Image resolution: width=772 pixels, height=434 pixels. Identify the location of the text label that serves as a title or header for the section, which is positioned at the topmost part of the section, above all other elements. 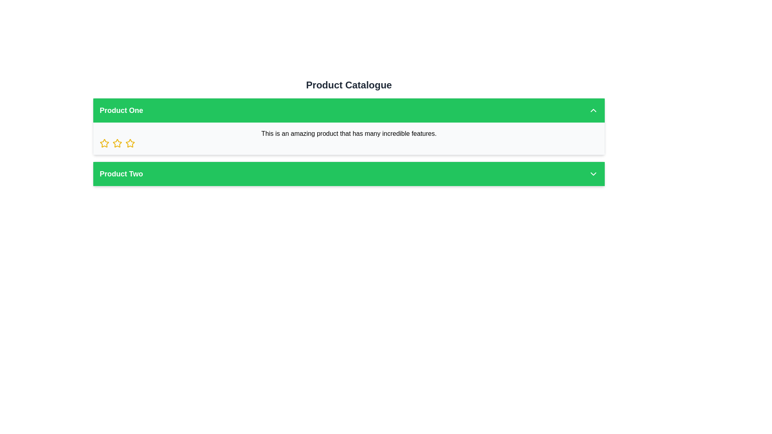
(349, 85).